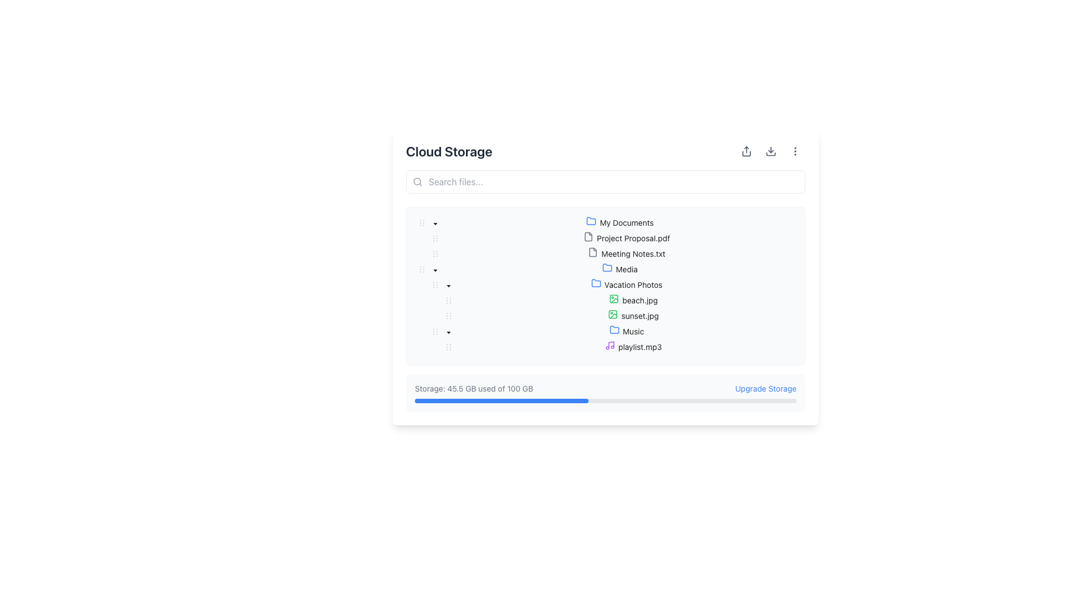 This screenshot has width=1065, height=599. What do you see at coordinates (462, 316) in the screenshot?
I see `the structural marker element for 'sunset.jpg' in the hierarchical file tree` at bounding box center [462, 316].